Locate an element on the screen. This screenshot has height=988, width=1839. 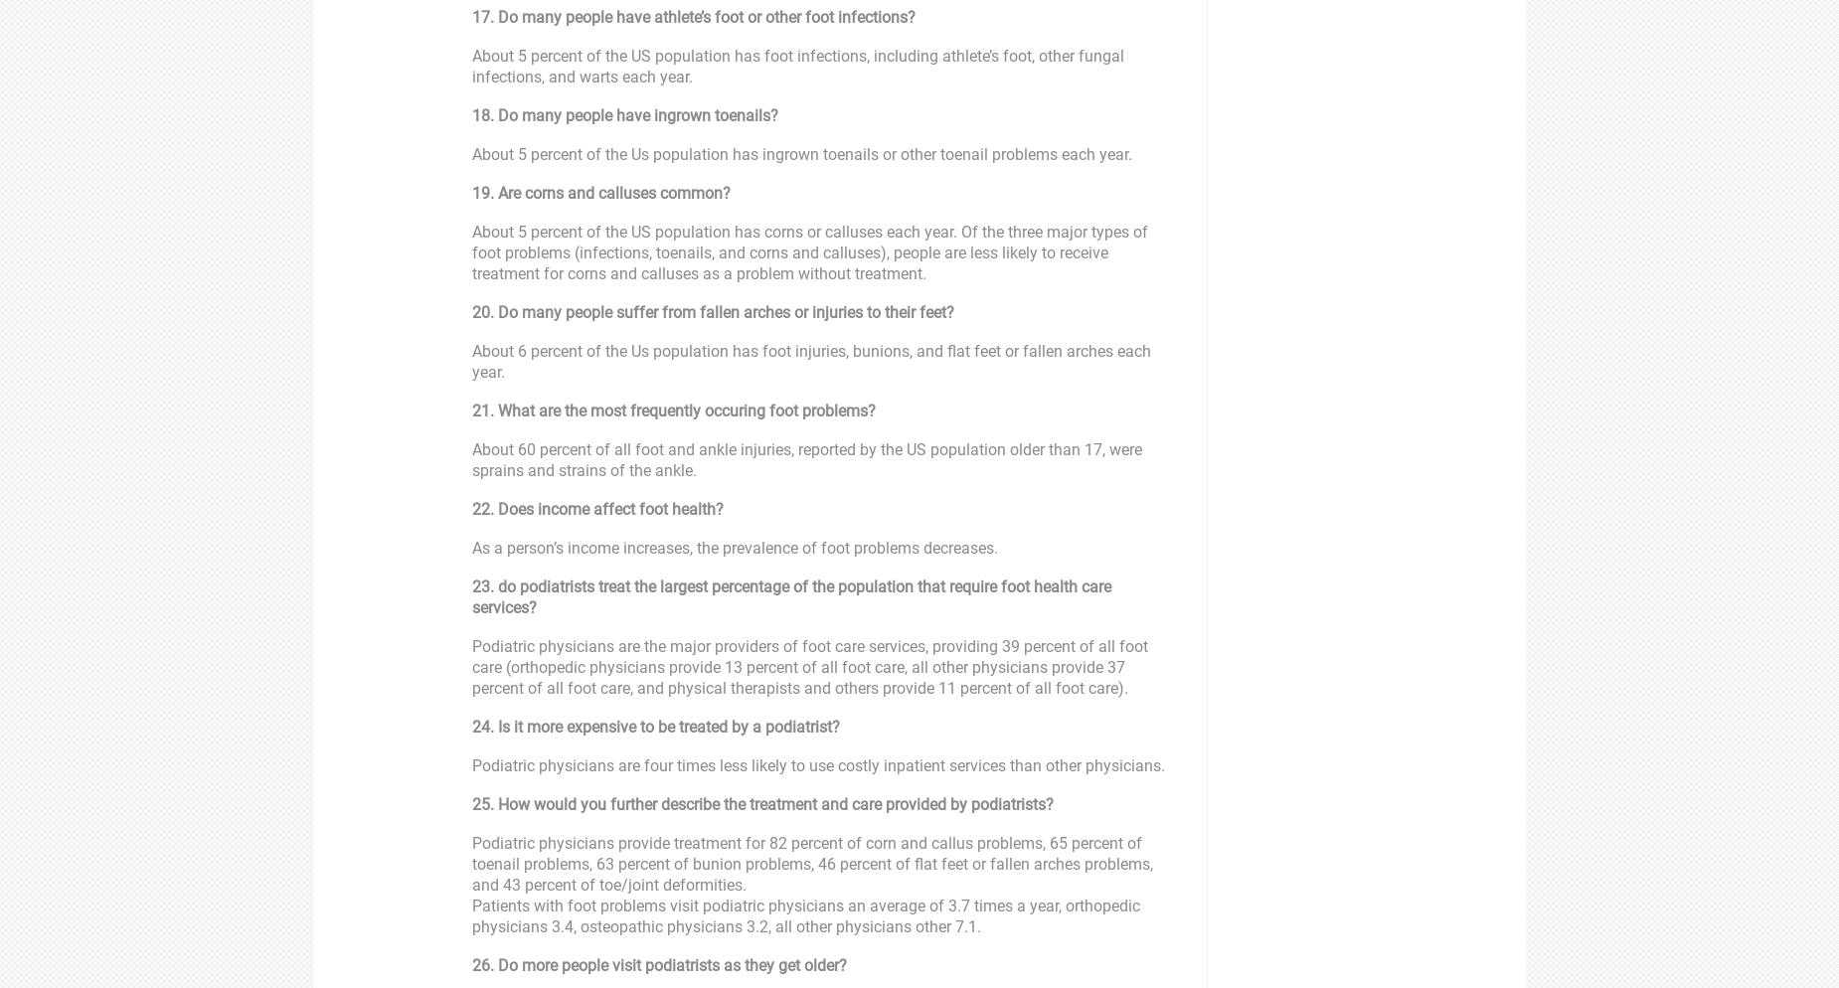
'26. Do more people visit podiatrists as they get older?' is located at coordinates (659, 964).